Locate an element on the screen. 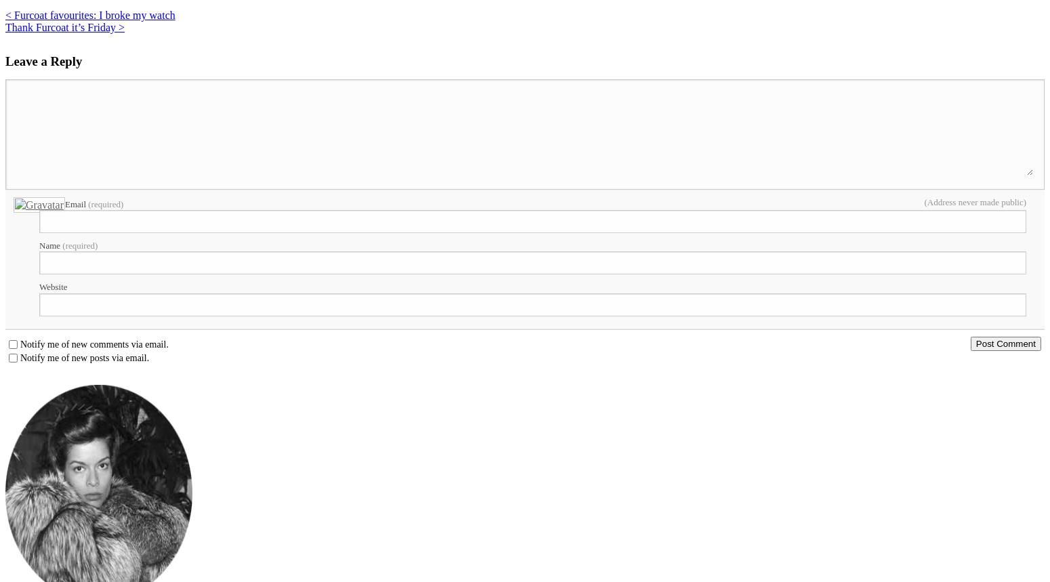 The width and height of the screenshot is (1050, 582). '>' is located at coordinates (121, 27).